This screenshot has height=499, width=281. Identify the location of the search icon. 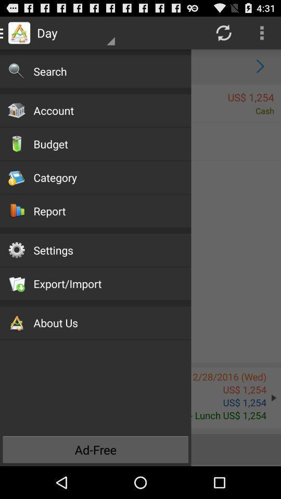
(20, 70).